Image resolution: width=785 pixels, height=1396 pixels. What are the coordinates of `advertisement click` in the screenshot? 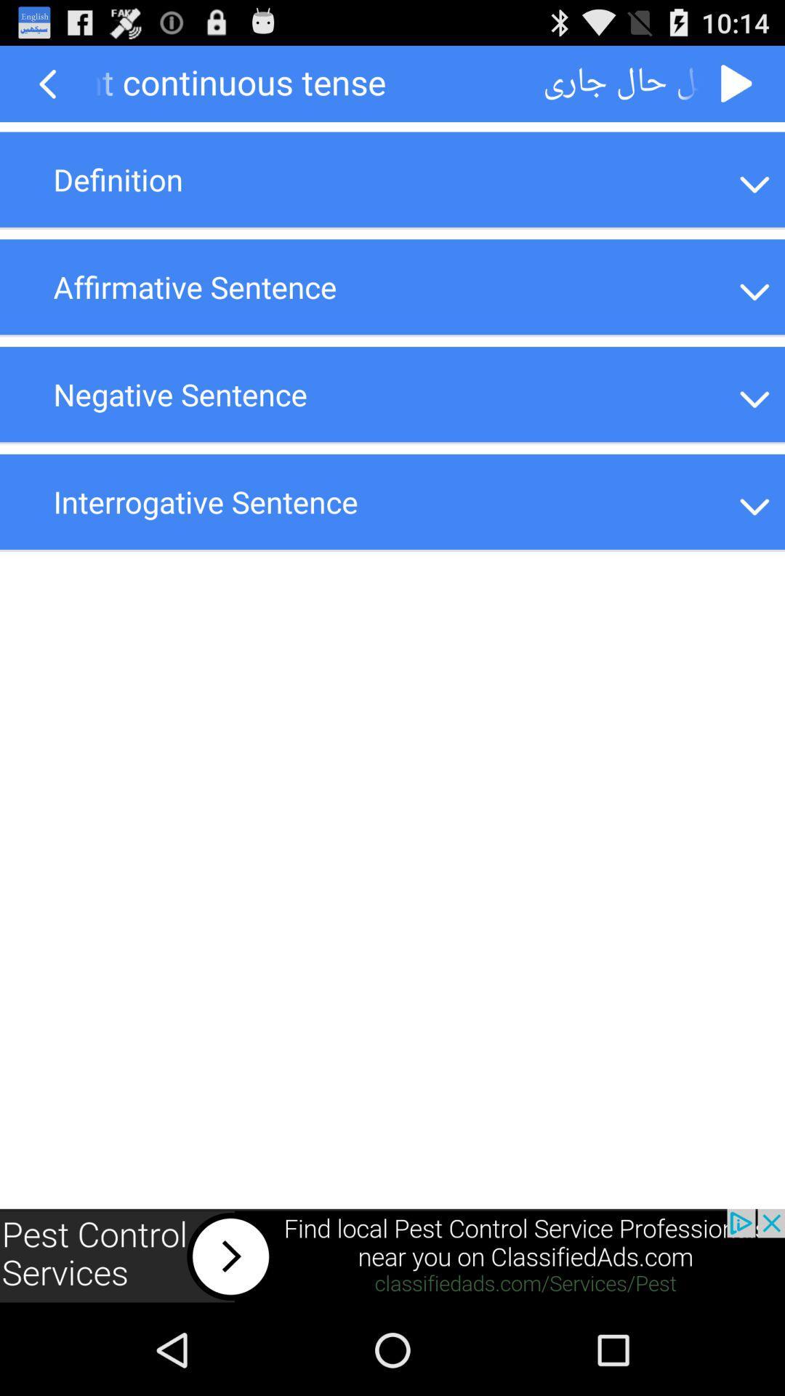 It's located at (392, 1256).